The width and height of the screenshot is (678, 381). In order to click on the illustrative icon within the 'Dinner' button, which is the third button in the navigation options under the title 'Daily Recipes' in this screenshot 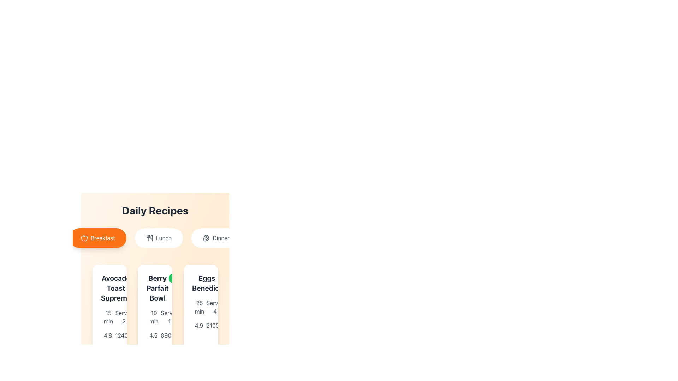, I will do `click(206, 238)`.